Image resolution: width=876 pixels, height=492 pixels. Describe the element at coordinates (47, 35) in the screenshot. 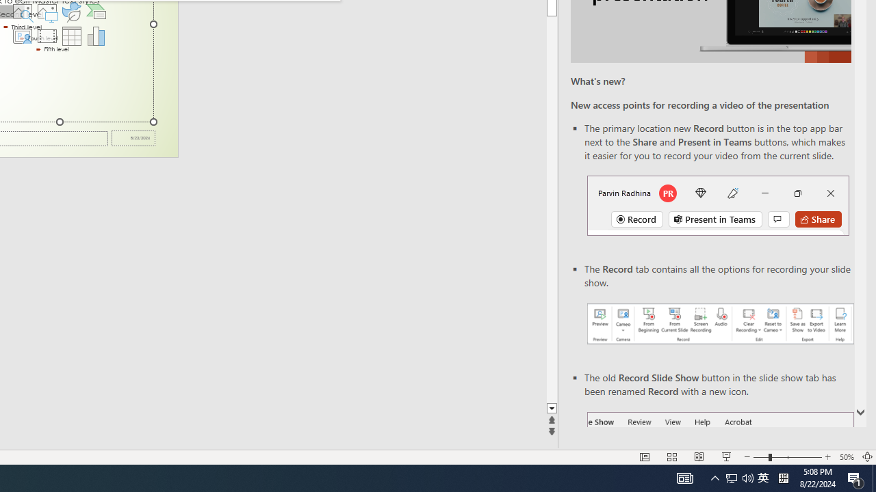

I see `'Insert Video'` at that location.